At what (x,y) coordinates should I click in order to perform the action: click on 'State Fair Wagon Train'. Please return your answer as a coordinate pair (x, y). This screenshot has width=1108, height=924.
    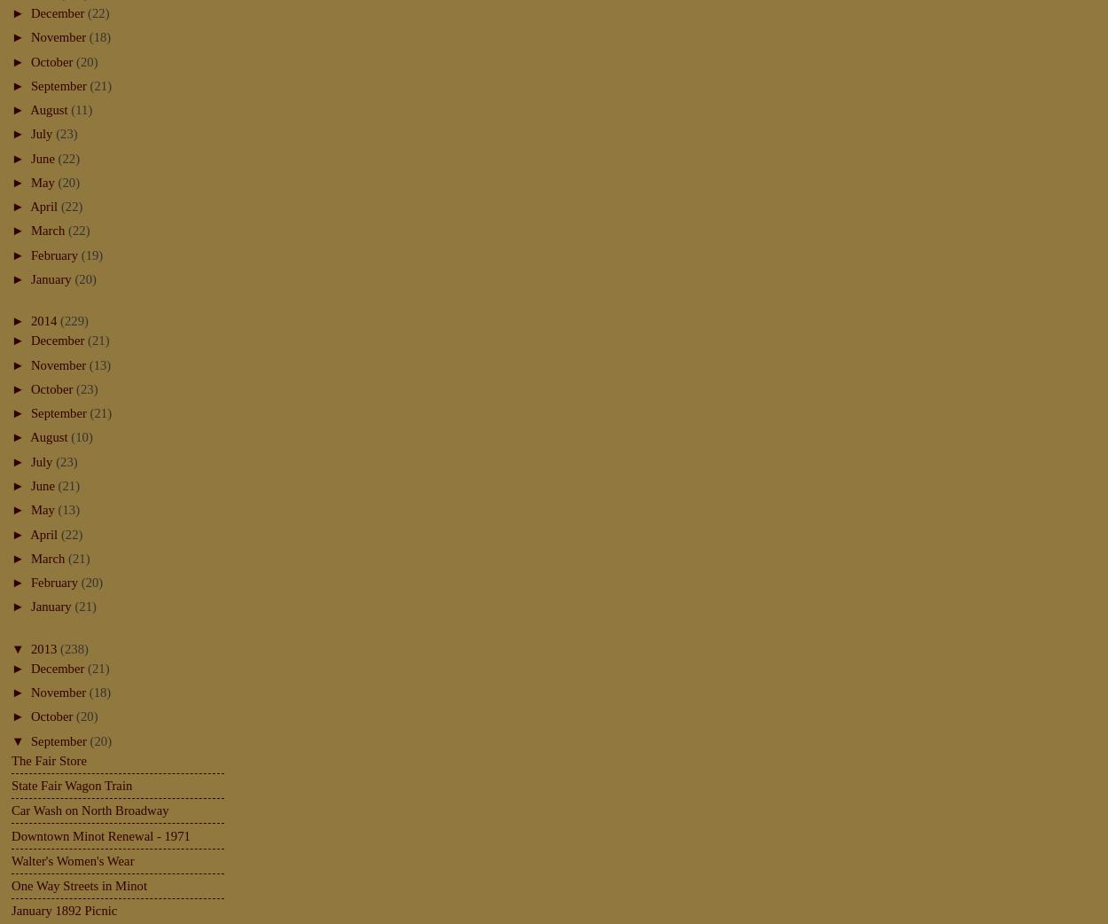
    Looking at the image, I should click on (71, 783).